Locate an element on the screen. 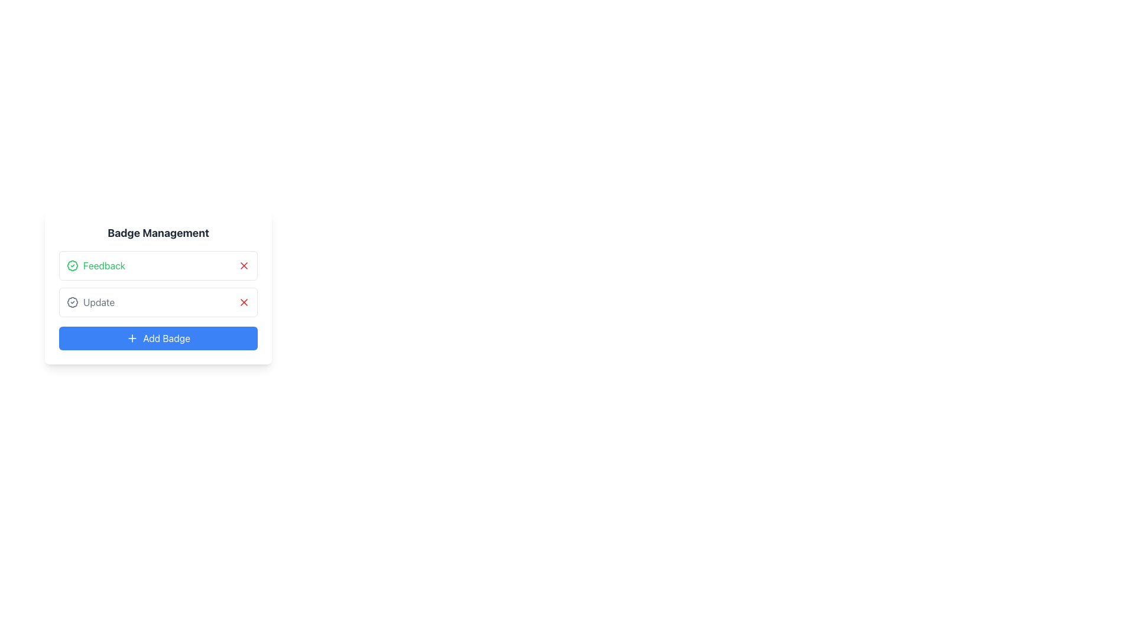 This screenshot has height=638, width=1135. the label with an icon, which indicates the badge status, located at the top of the 'Badge Management' section is located at coordinates (96, 266).